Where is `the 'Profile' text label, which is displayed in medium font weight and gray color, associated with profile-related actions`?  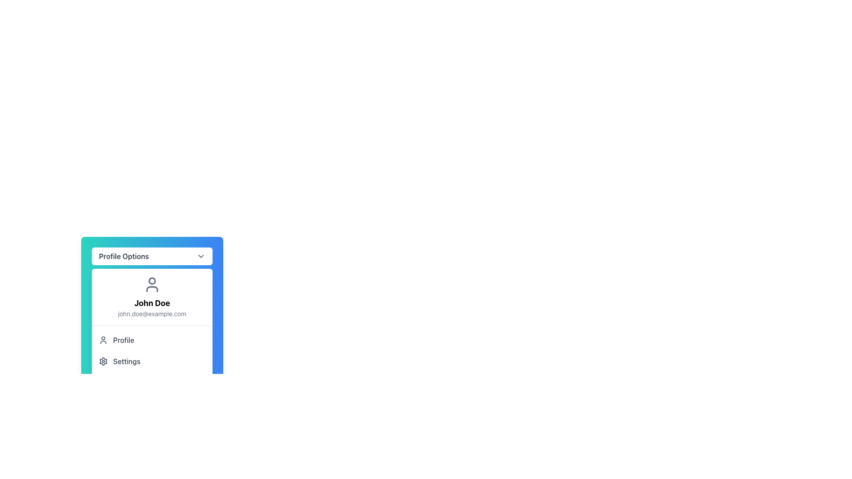 the 'Profile' text label, which is displayed in medium font weight and gray color, associated with profile-related actions is located at coordinates (123, 340).